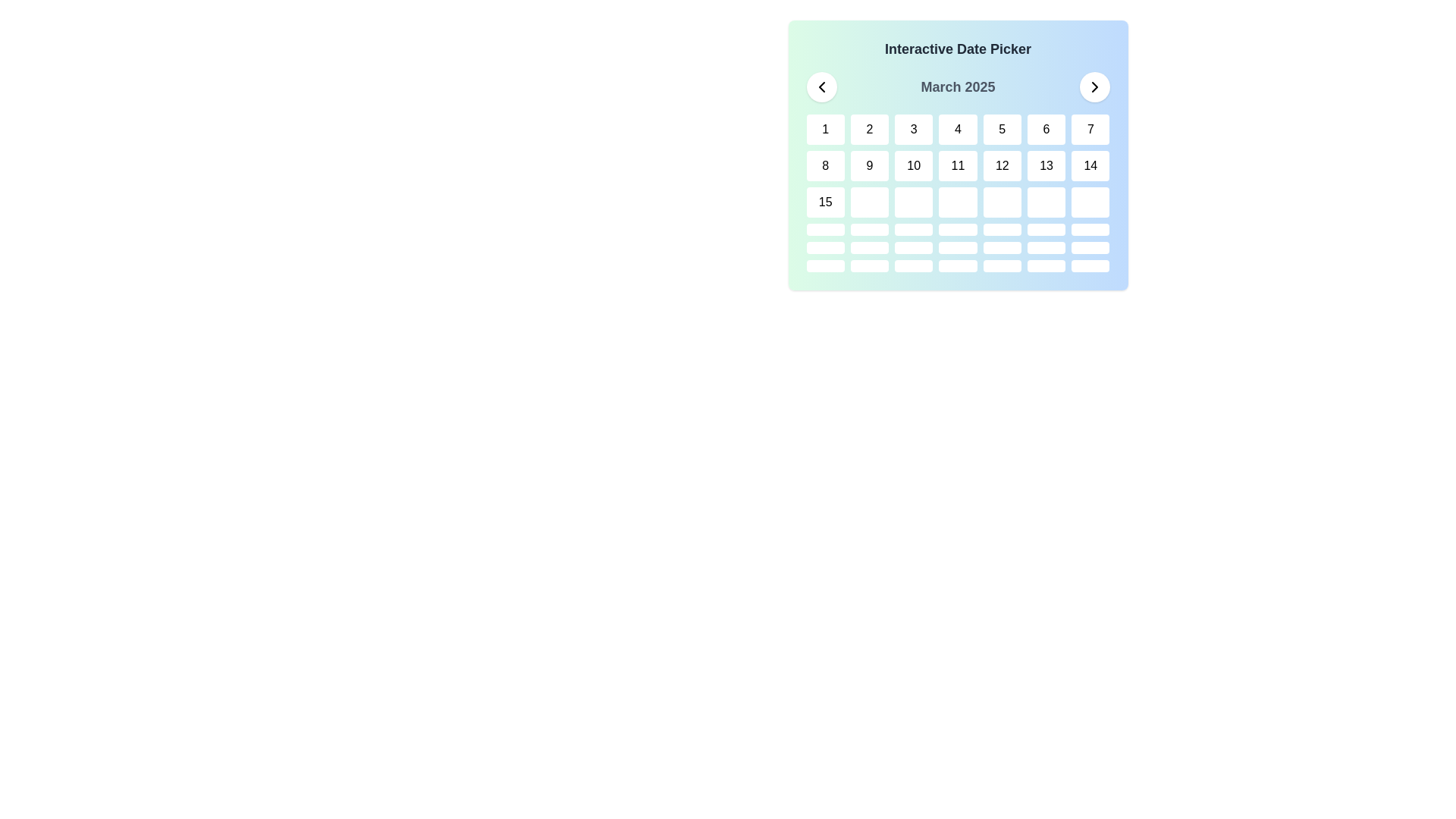  Describe the element at coordinates (821, 87) in the screenshot. I see `the left-chevron icon` at that location.